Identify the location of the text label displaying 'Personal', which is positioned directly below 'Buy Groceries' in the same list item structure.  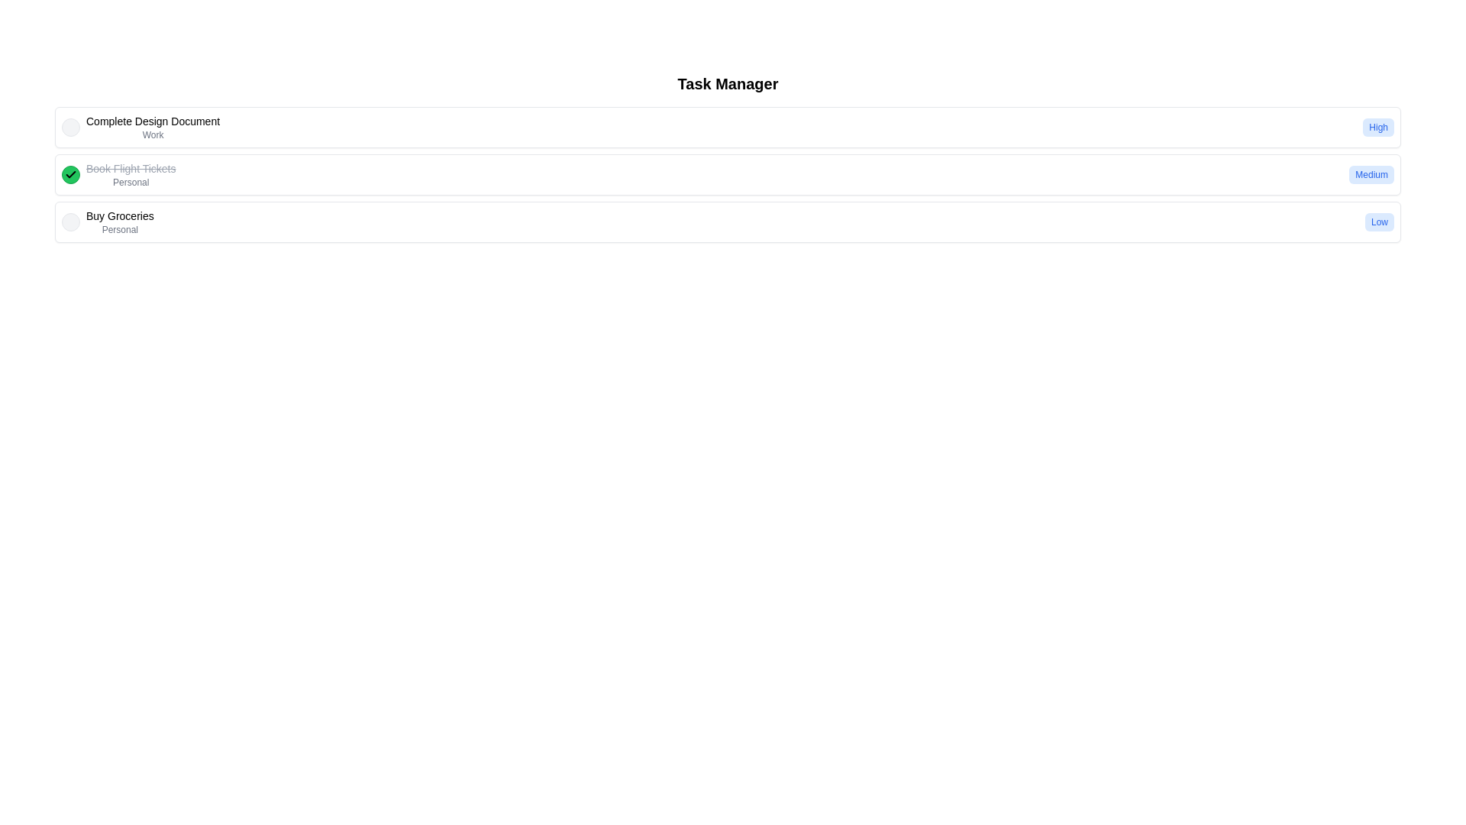
(119, 229).